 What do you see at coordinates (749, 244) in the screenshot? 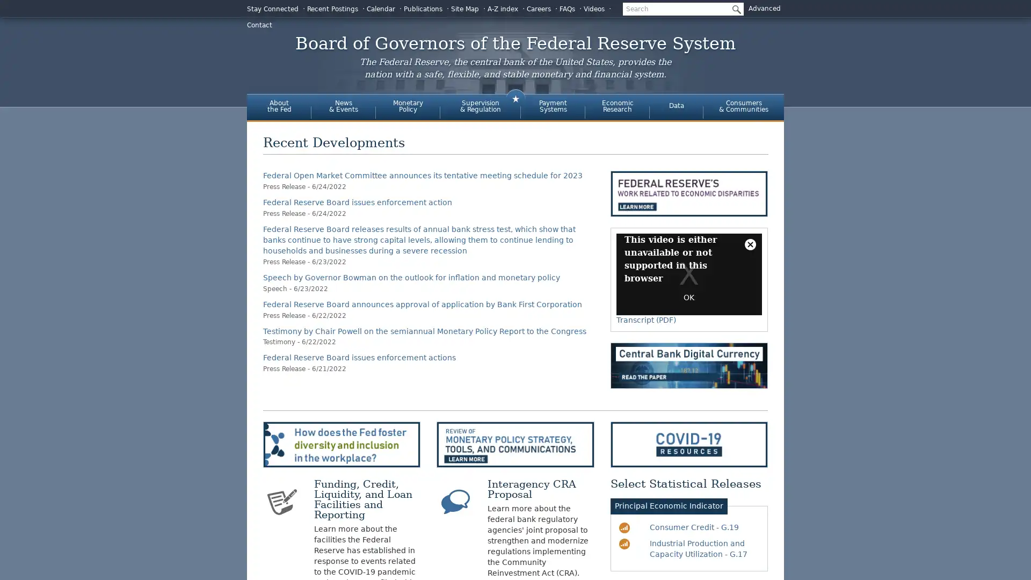
I see `Close Modal Dialog` at bounding box center [749, 244].